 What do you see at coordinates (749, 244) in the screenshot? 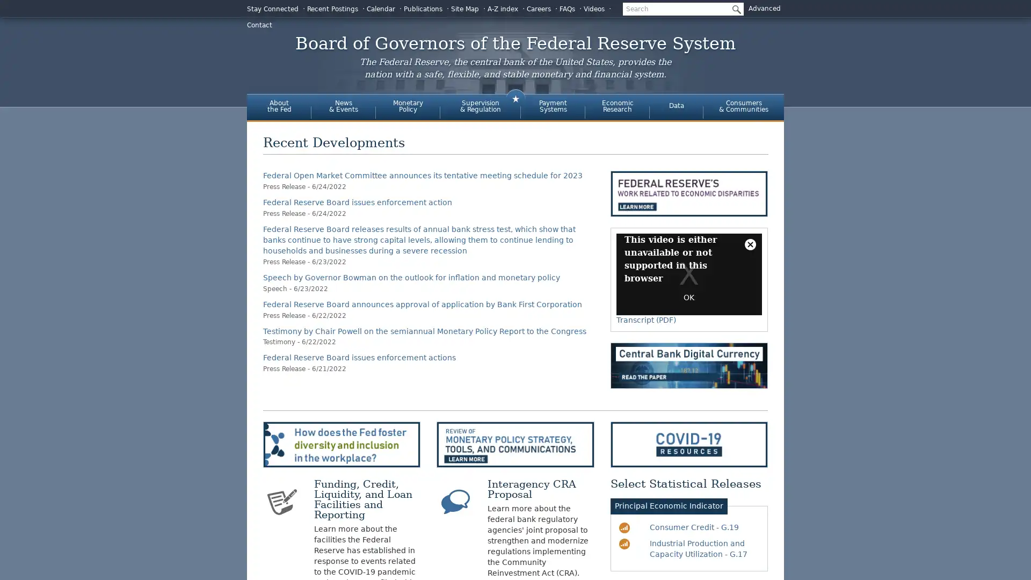
I see `Close Modal Dialog` at bounding box center [749, 244].